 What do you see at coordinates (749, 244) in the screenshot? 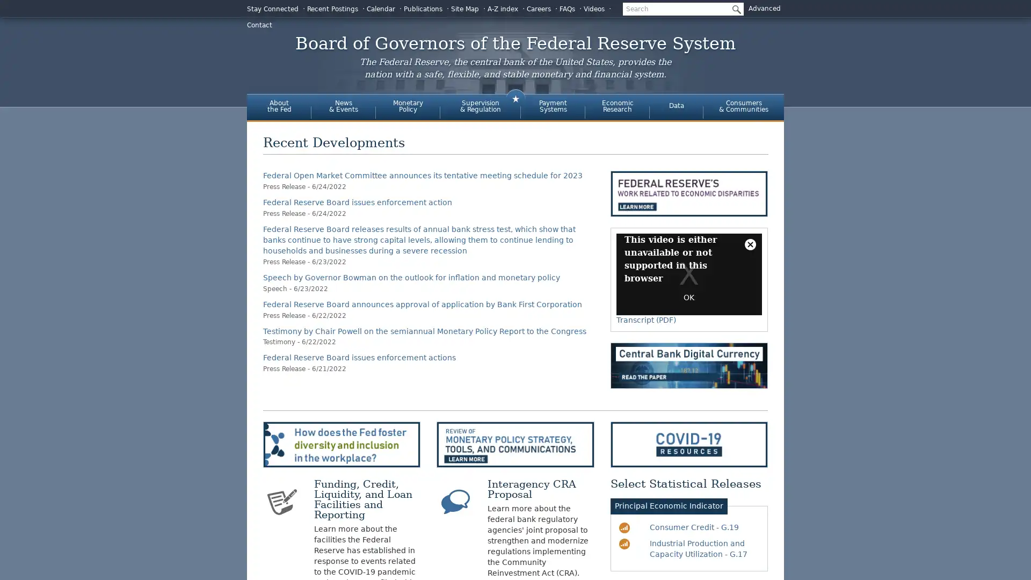
I see `Close Modal Dialog` at bounding box center [749, 244].